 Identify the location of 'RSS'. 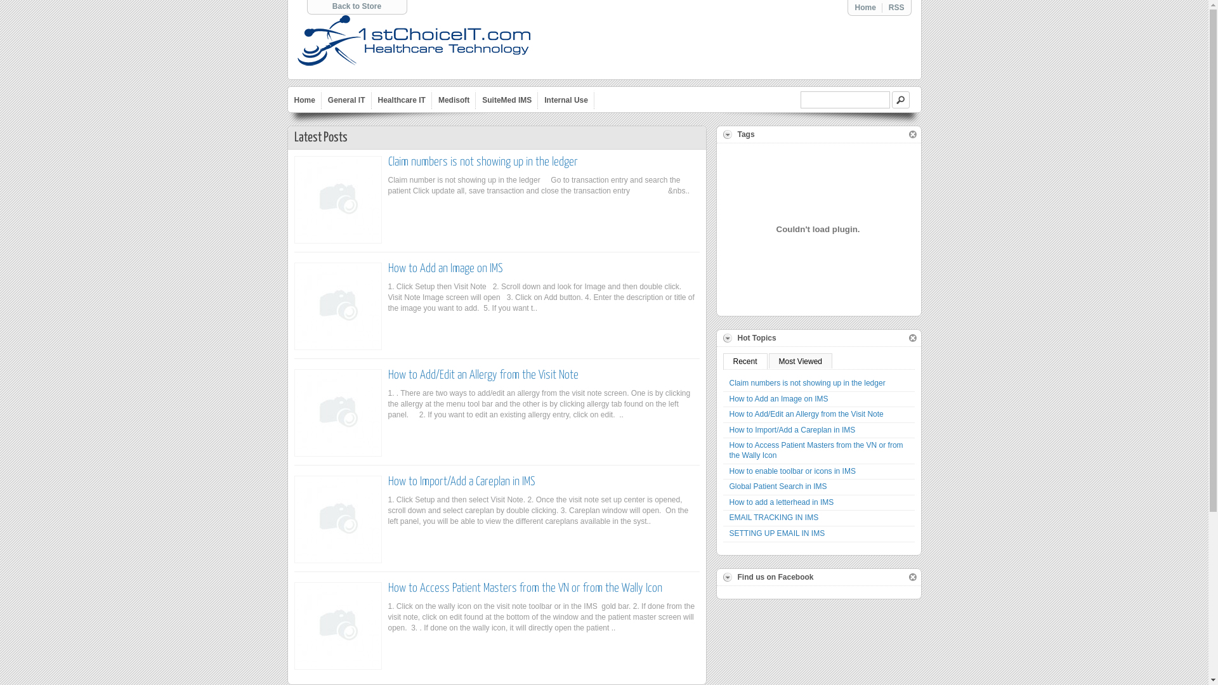
(896, 7).